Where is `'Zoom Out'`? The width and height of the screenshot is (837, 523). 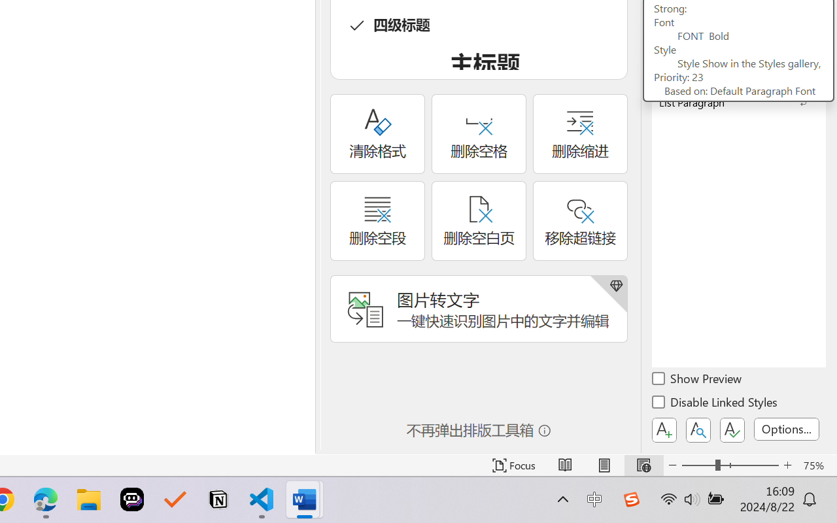 'Zoom Out' is located at coordinates (698, 465).